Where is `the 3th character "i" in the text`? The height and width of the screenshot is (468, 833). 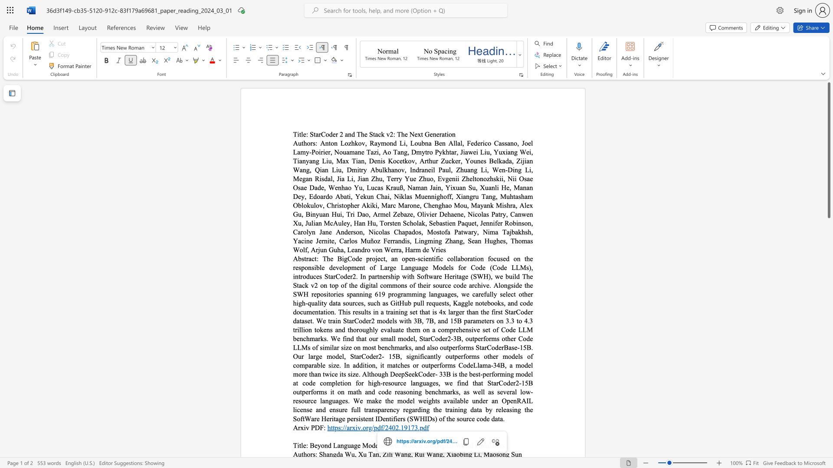
the 3th character "i" in the text is located at coordinates (479, 445).